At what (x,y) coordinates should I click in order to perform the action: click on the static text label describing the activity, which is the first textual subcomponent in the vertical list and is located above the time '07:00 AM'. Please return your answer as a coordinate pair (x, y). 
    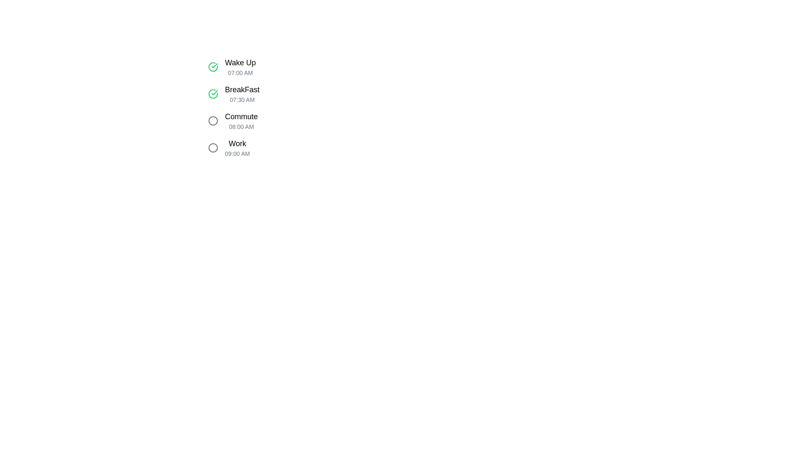
    Looking at the image, I should click on (240, 62).